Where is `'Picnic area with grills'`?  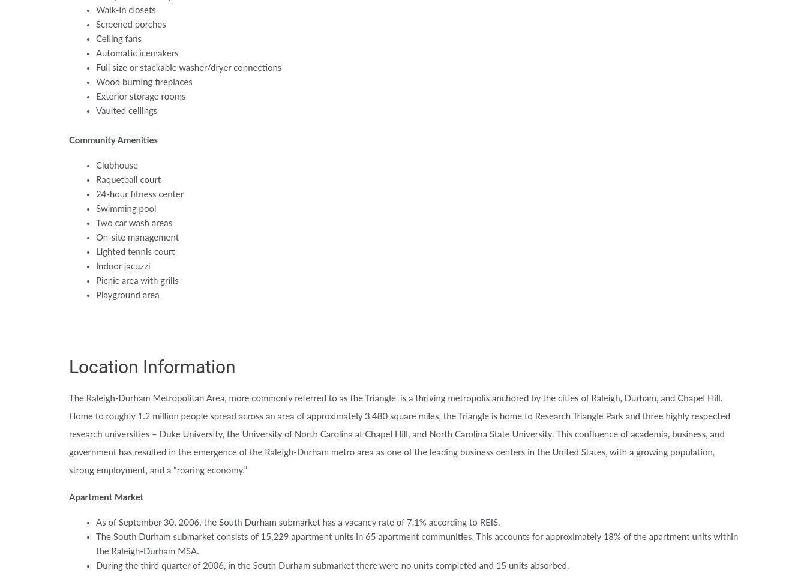 'Picnic area with grills' is located at coordinates (136, 281).